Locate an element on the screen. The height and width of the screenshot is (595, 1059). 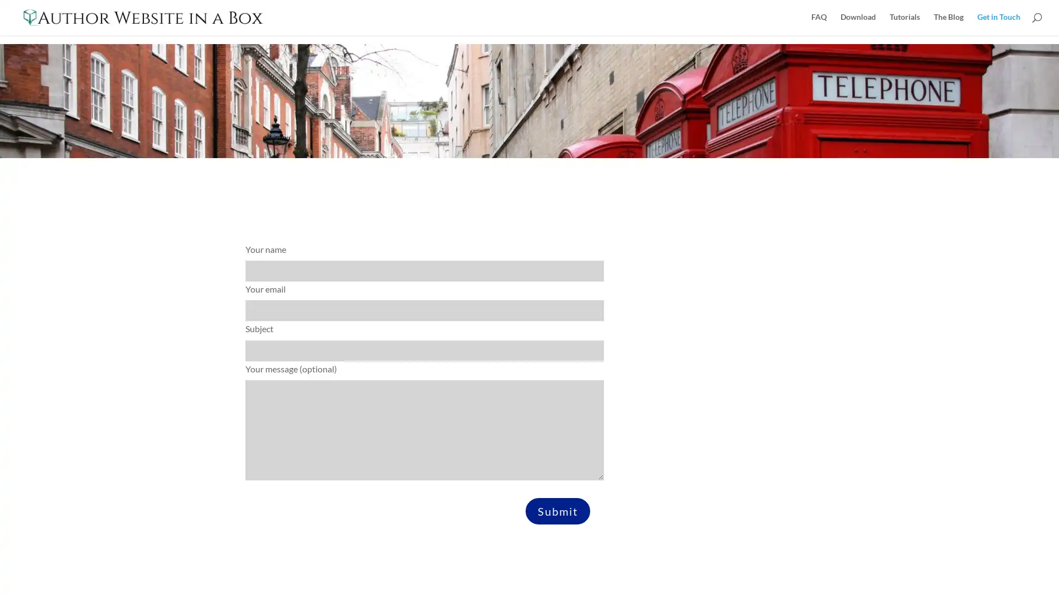
Submit is located at coordinates (558, 510).